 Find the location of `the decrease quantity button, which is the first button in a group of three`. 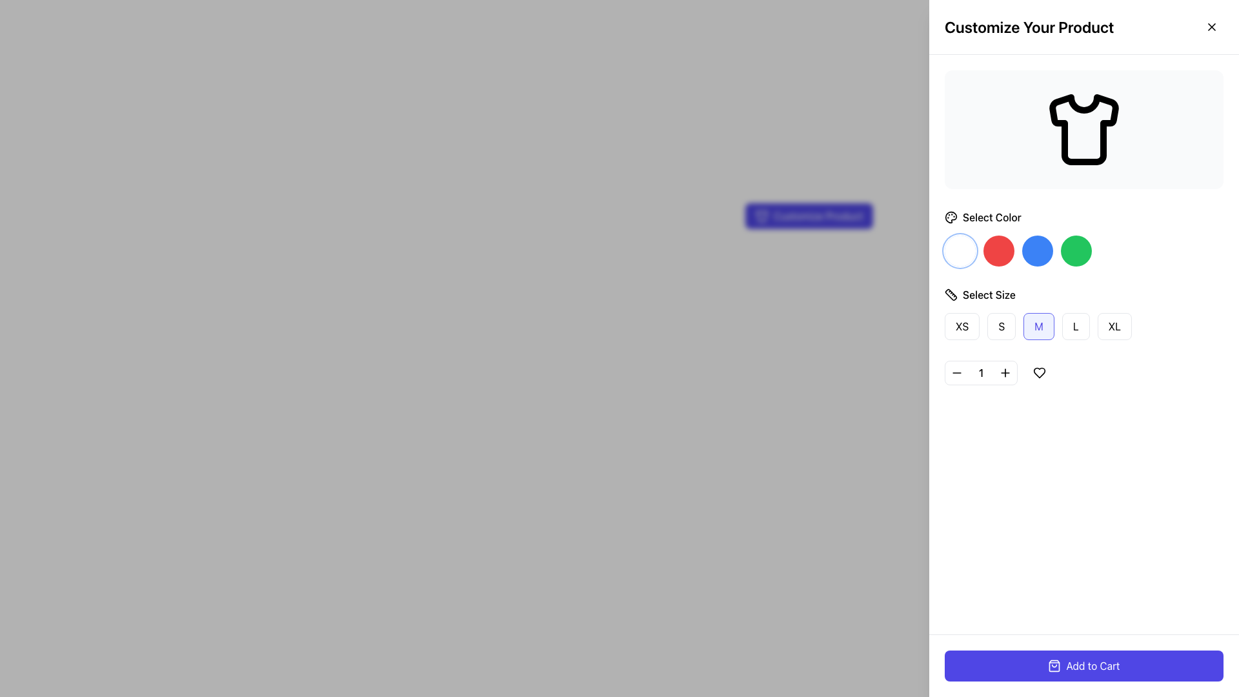

the decrease quantity button, which is the first button in a group of three is located at coordinates (957, 373).